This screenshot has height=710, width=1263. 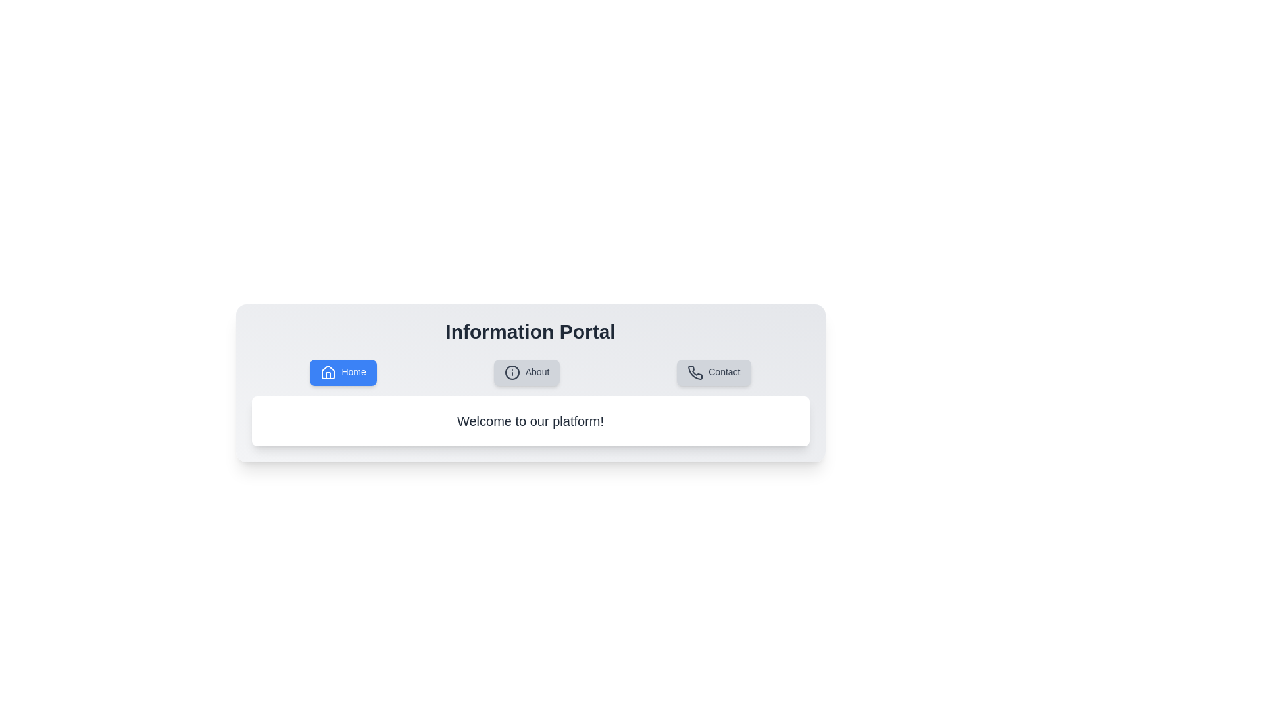 I want to click on the contact icon located inside the 'Contact' button, which is the third button in a horizontal row of tabs under 'Information Portal', so click(x=695, y=373).